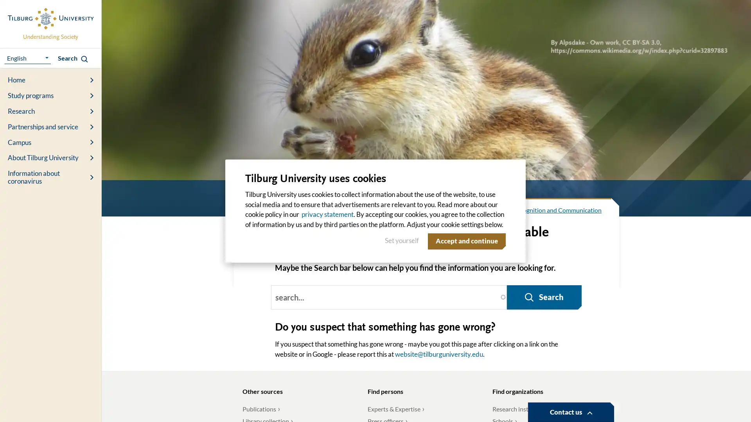 This screenshot has width=751, height=422. Describe the element at coordinates (542, 269) in the screenshot. I see `Search` at that location.